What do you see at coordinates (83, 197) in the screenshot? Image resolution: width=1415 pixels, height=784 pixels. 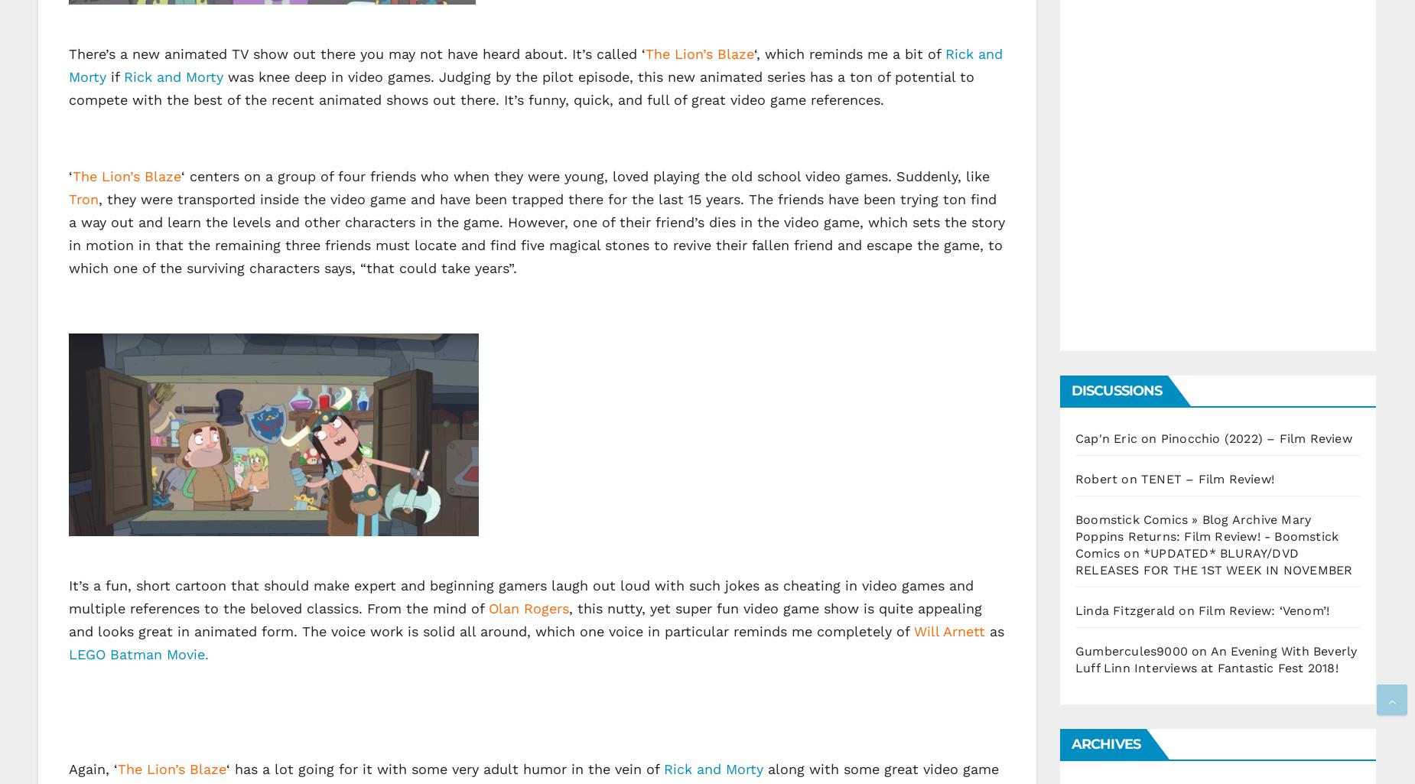 I see `'Tron'` at bounding box center [83, 197].